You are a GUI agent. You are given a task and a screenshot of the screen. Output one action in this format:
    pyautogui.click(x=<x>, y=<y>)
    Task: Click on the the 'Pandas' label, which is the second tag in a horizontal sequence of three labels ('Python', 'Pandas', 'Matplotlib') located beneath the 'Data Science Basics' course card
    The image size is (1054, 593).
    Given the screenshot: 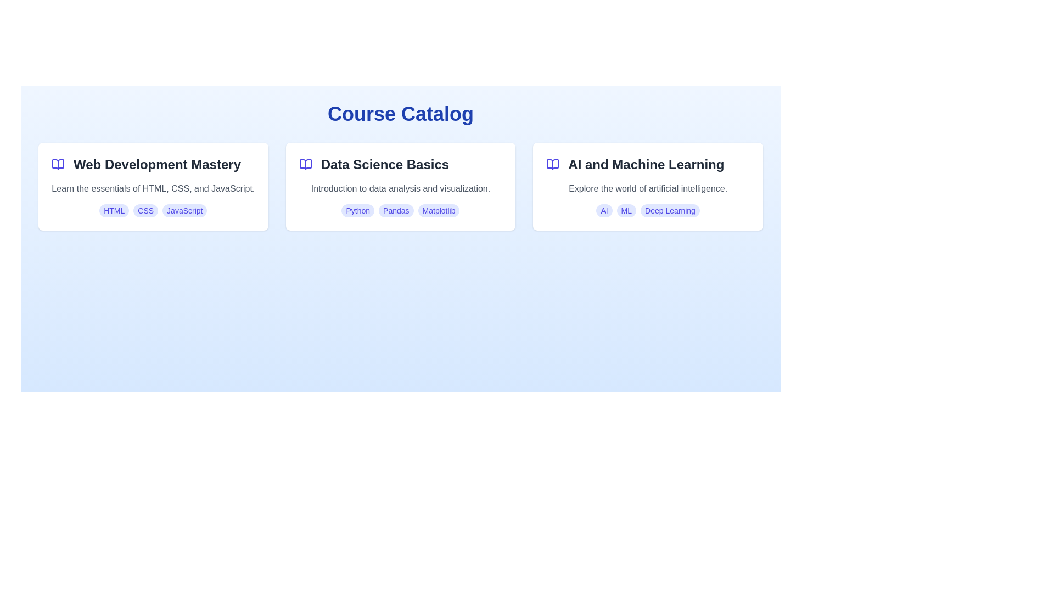 What is the action you would take?
    pyautogui.click(x=395, y=211)
    